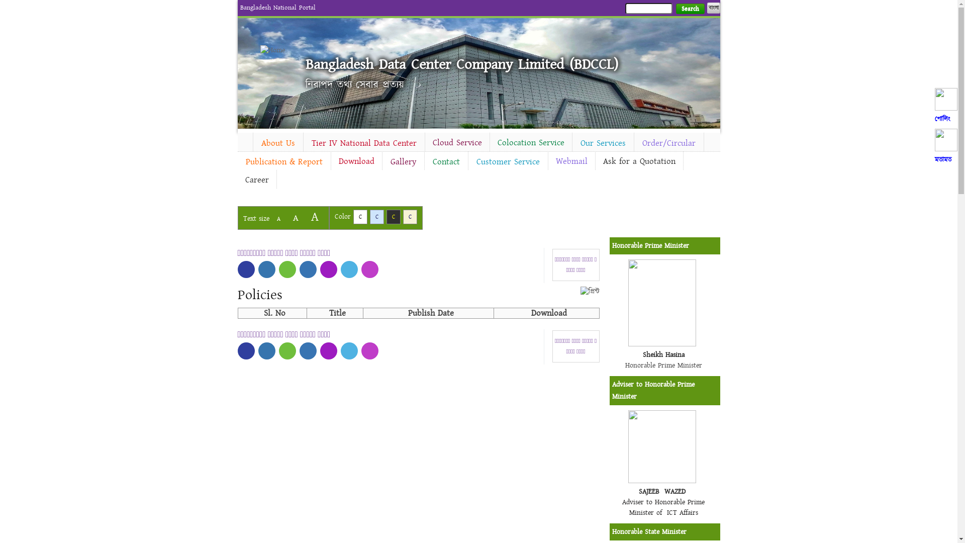 The height and width of the screenshot is (543, 965). Describe the element at coordinates (330, 160) in the screenshot. I see `'Download'` at that location.